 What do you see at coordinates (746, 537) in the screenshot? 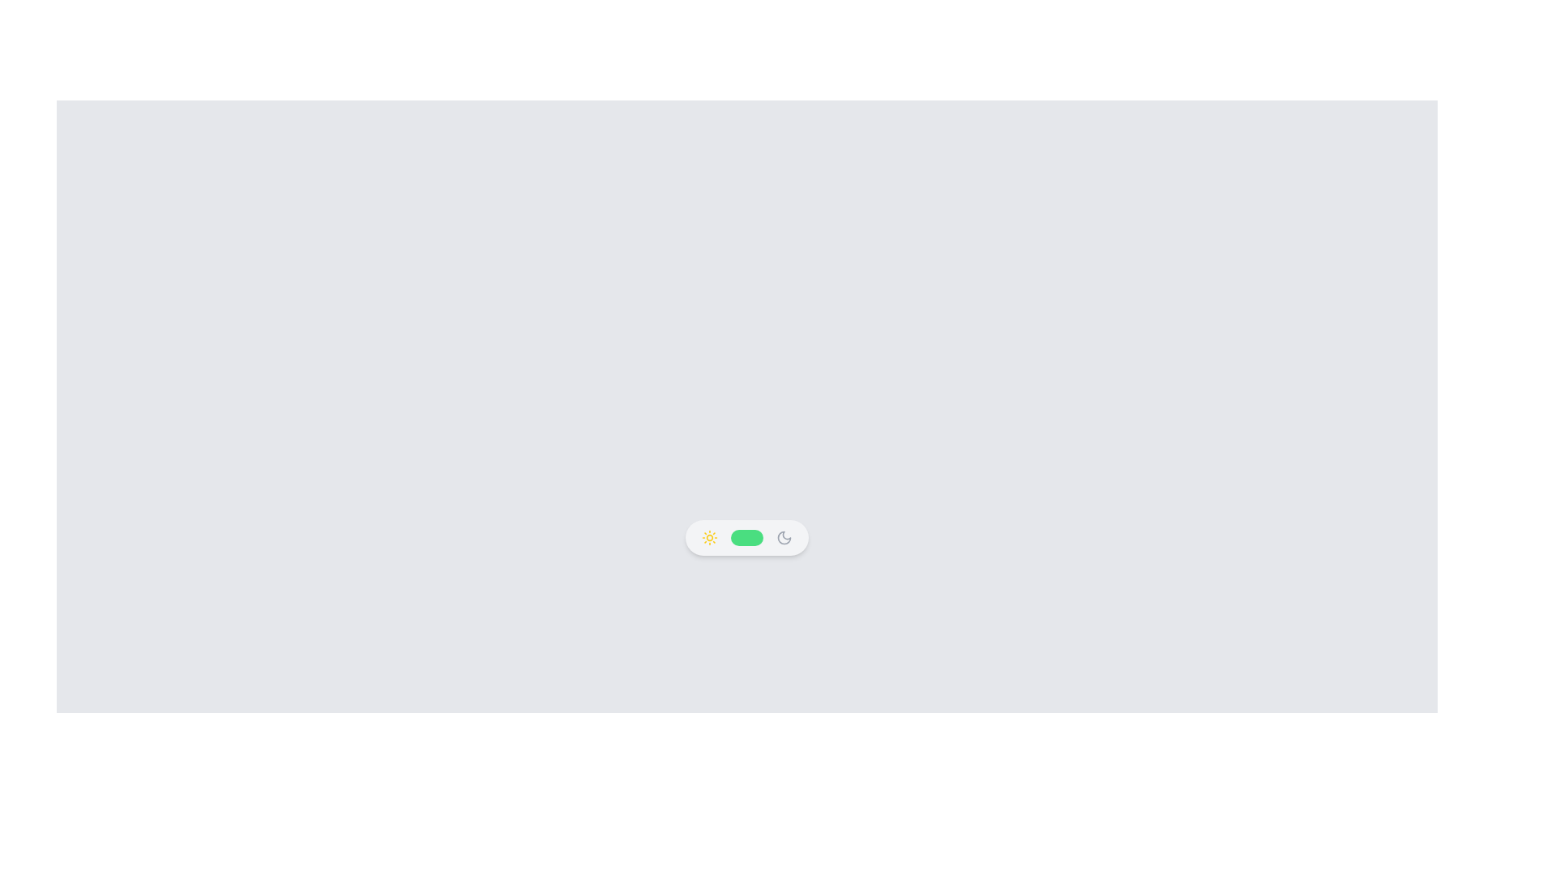
I see `the white circular knob of the pill-shaped toggle switch with a green background` at bounding box center [746, 537].